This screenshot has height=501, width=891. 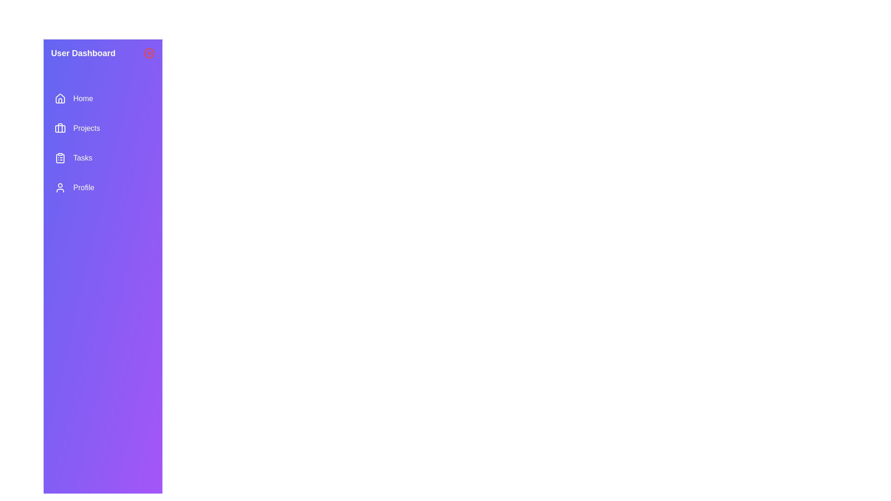 I want to click on the 'Profile' menu item in the sidebar for keyboard navigation, so click(x=103, y=188).